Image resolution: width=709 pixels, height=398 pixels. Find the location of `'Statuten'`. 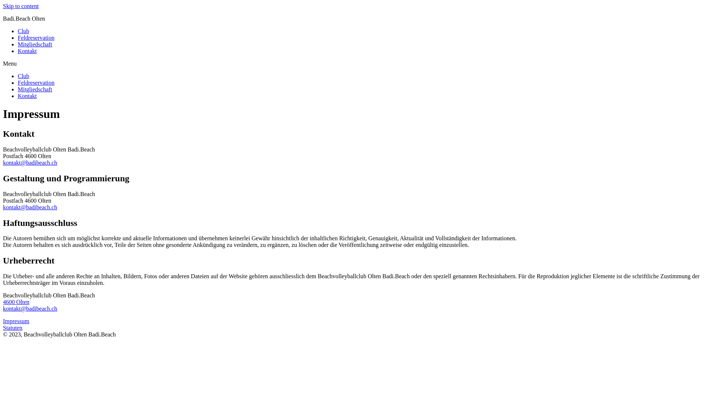

'Statuten' is located at coordinates (12, 327).